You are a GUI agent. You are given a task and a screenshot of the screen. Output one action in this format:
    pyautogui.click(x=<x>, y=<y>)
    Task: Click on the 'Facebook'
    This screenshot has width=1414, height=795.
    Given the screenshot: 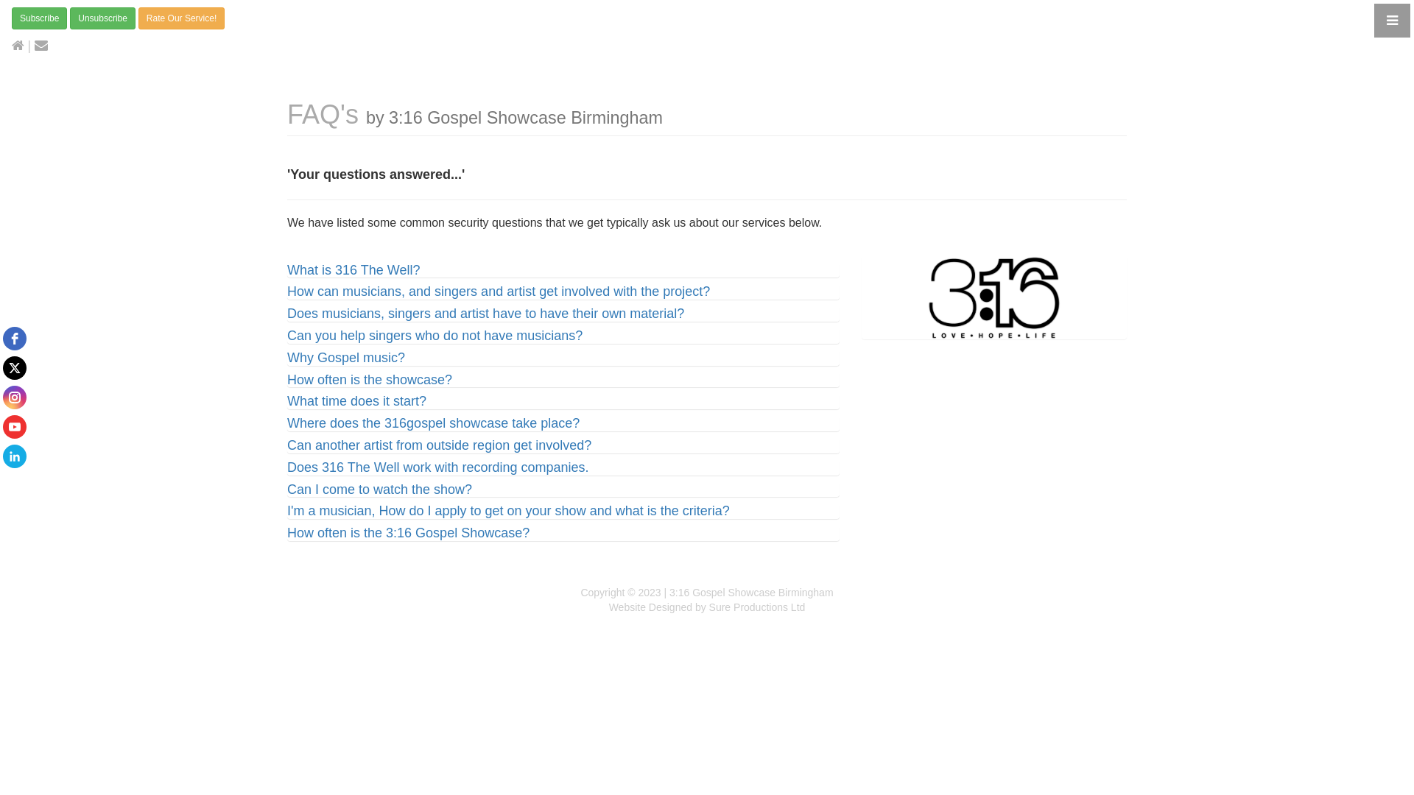 What is the action you would take?
    pyautogui.click(x=14, y=338)
    